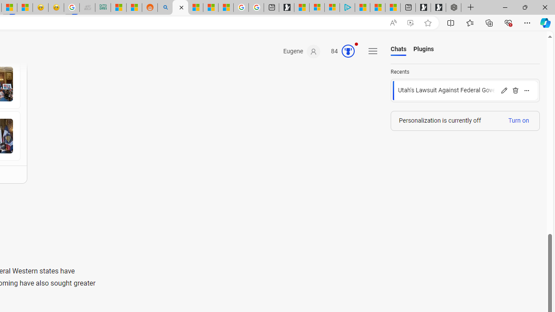  Describe the element at coordinates (180, 7) in the screenshot. I see `'Microsoft Copilot in Bing'` at that location.